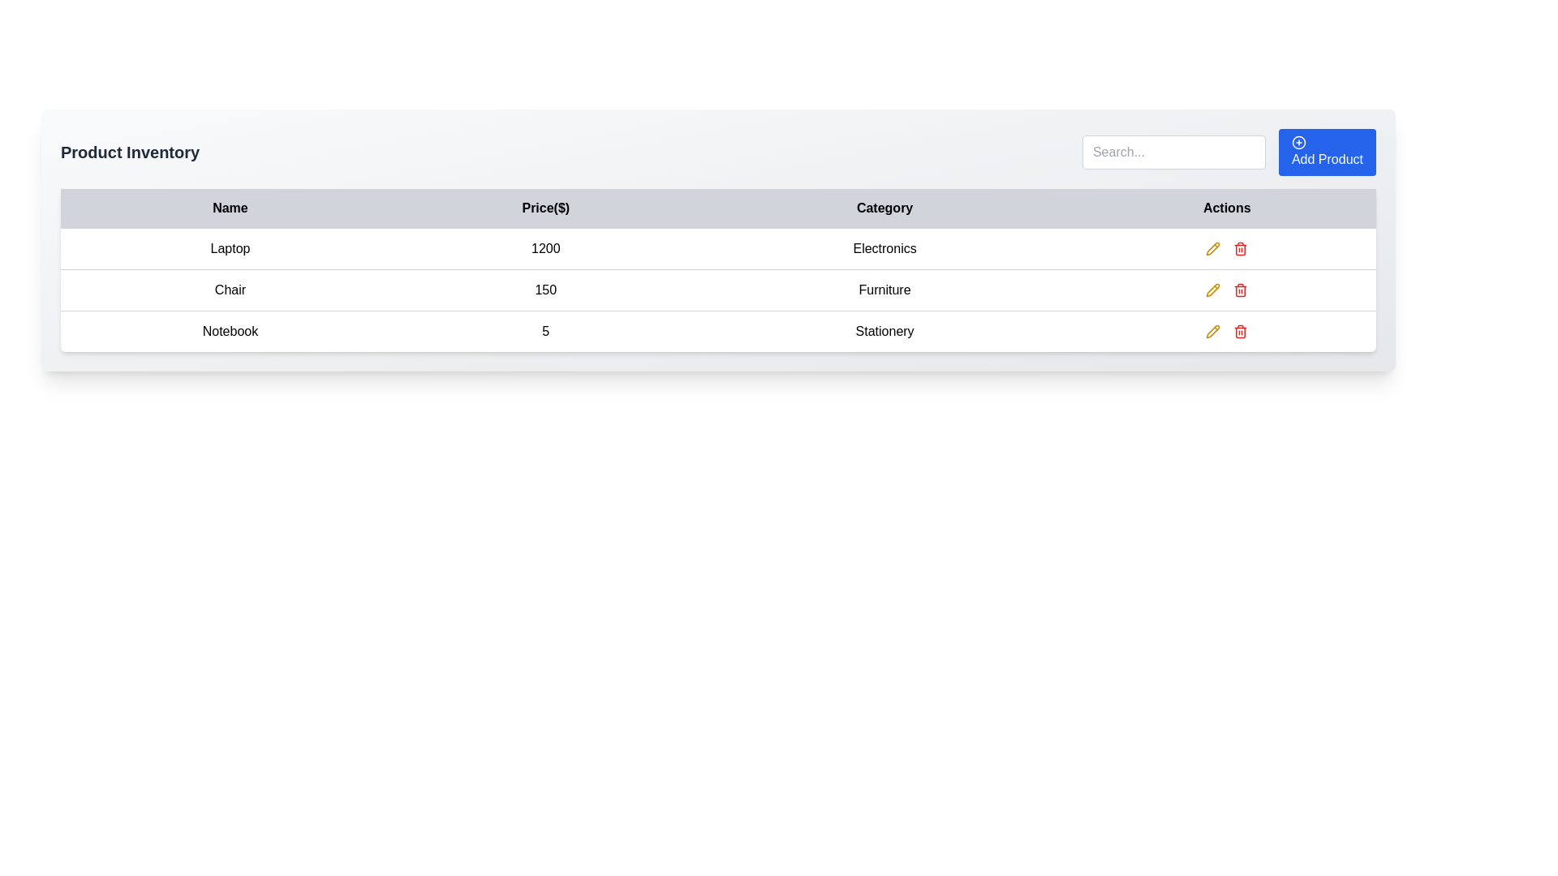  What do you see at coordinates (1240, 249) in the screenshot?
I see `the red trash icon button located in the first row of the table under the 'Actions' header` at bounding box center [1240, 249].